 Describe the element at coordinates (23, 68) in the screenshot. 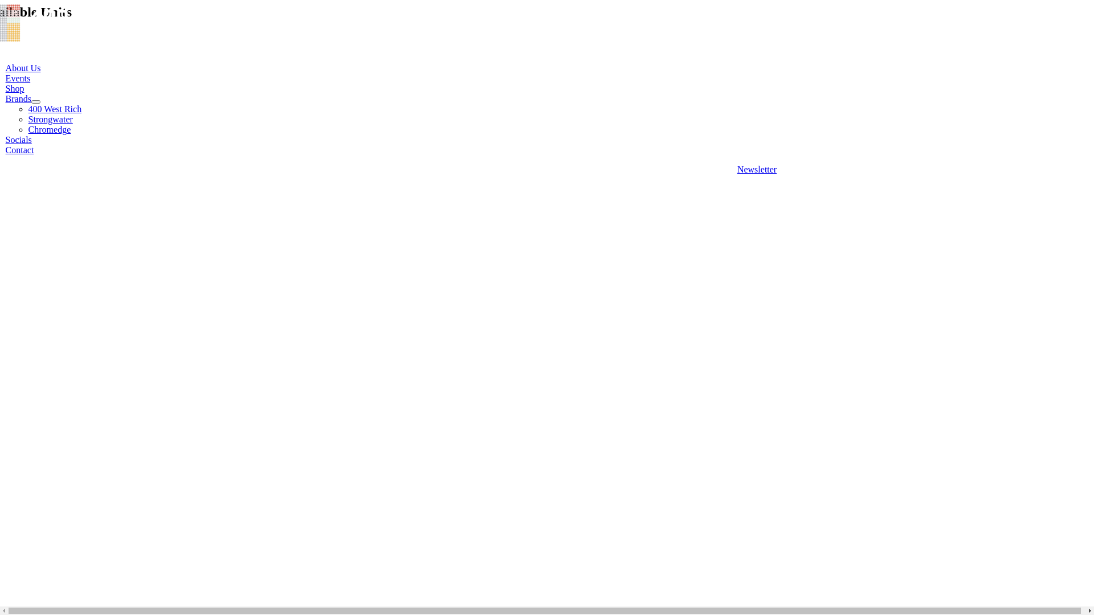

I see `'About Us'` at that location.